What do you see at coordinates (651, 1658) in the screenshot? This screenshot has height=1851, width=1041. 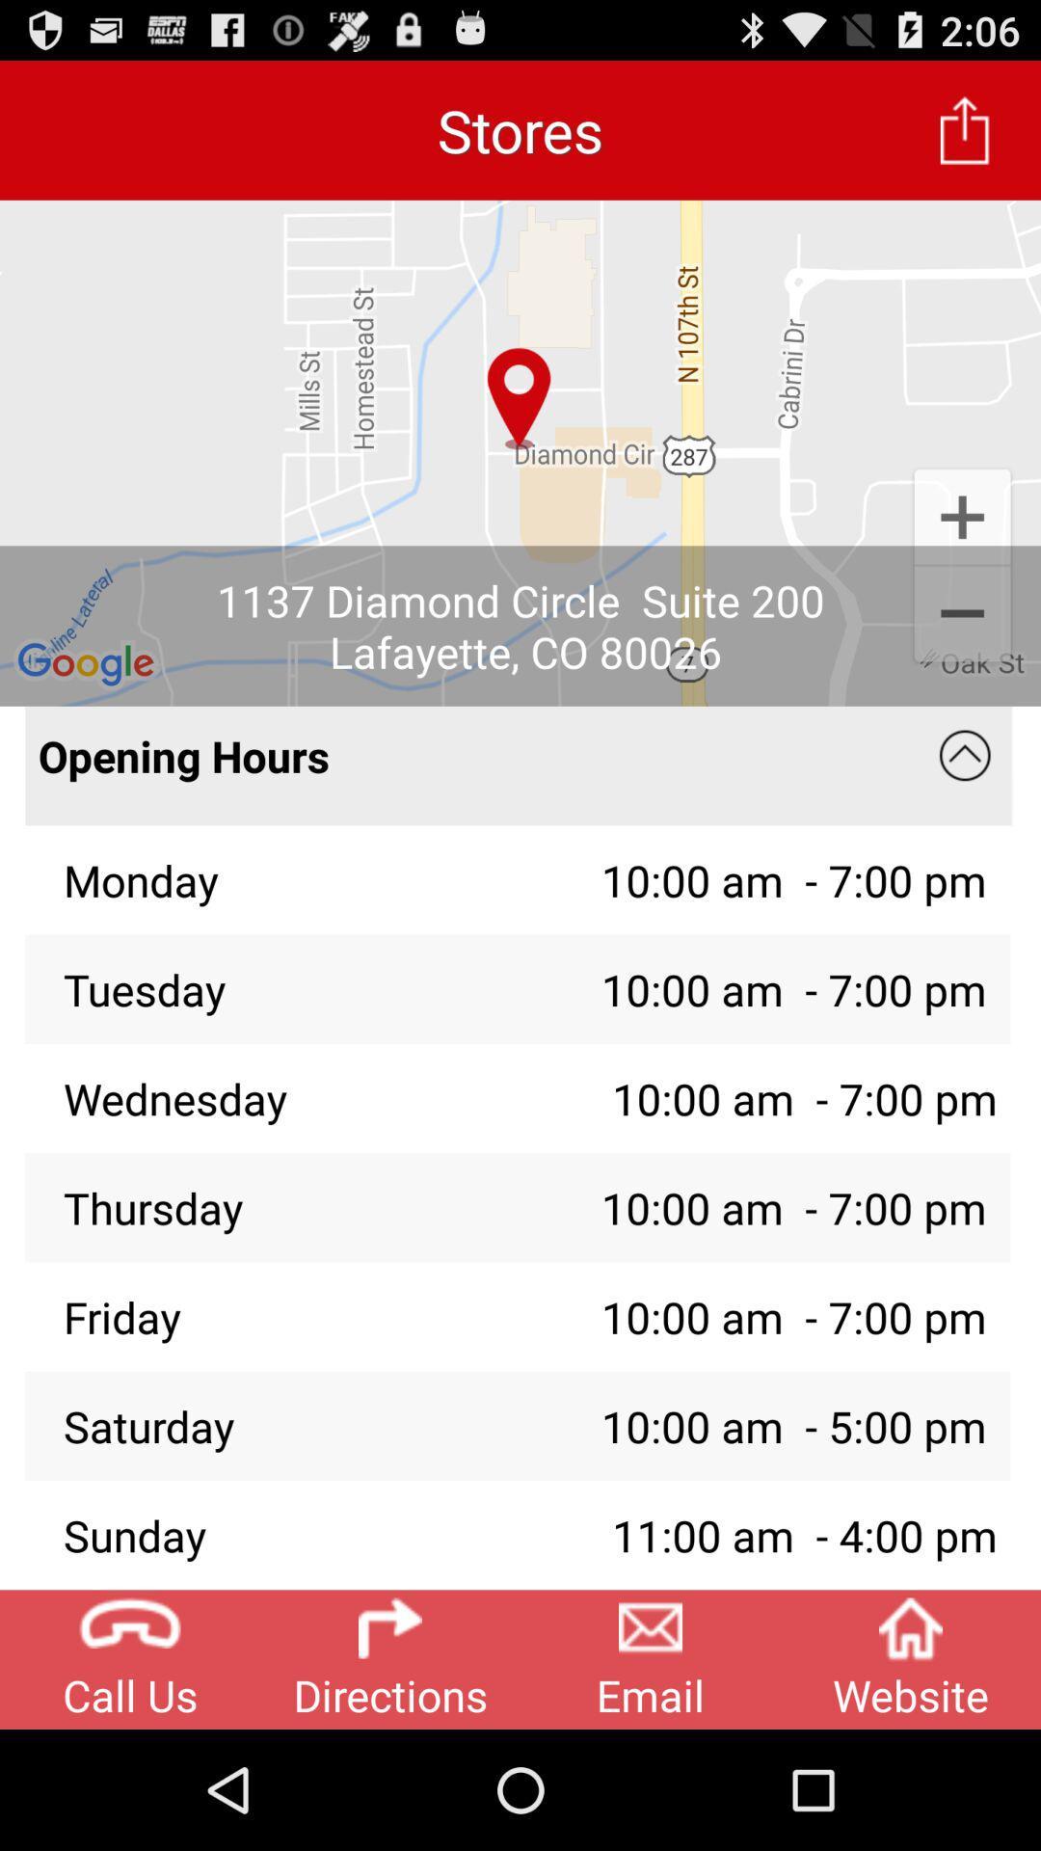 I see `the app to the left of website item` at bounding box center [651, 1658].